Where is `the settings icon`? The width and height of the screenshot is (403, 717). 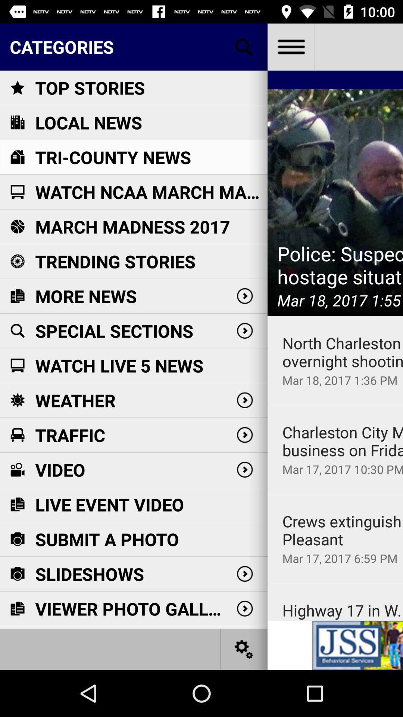
the settings icon is located at coordinates (244, 649).